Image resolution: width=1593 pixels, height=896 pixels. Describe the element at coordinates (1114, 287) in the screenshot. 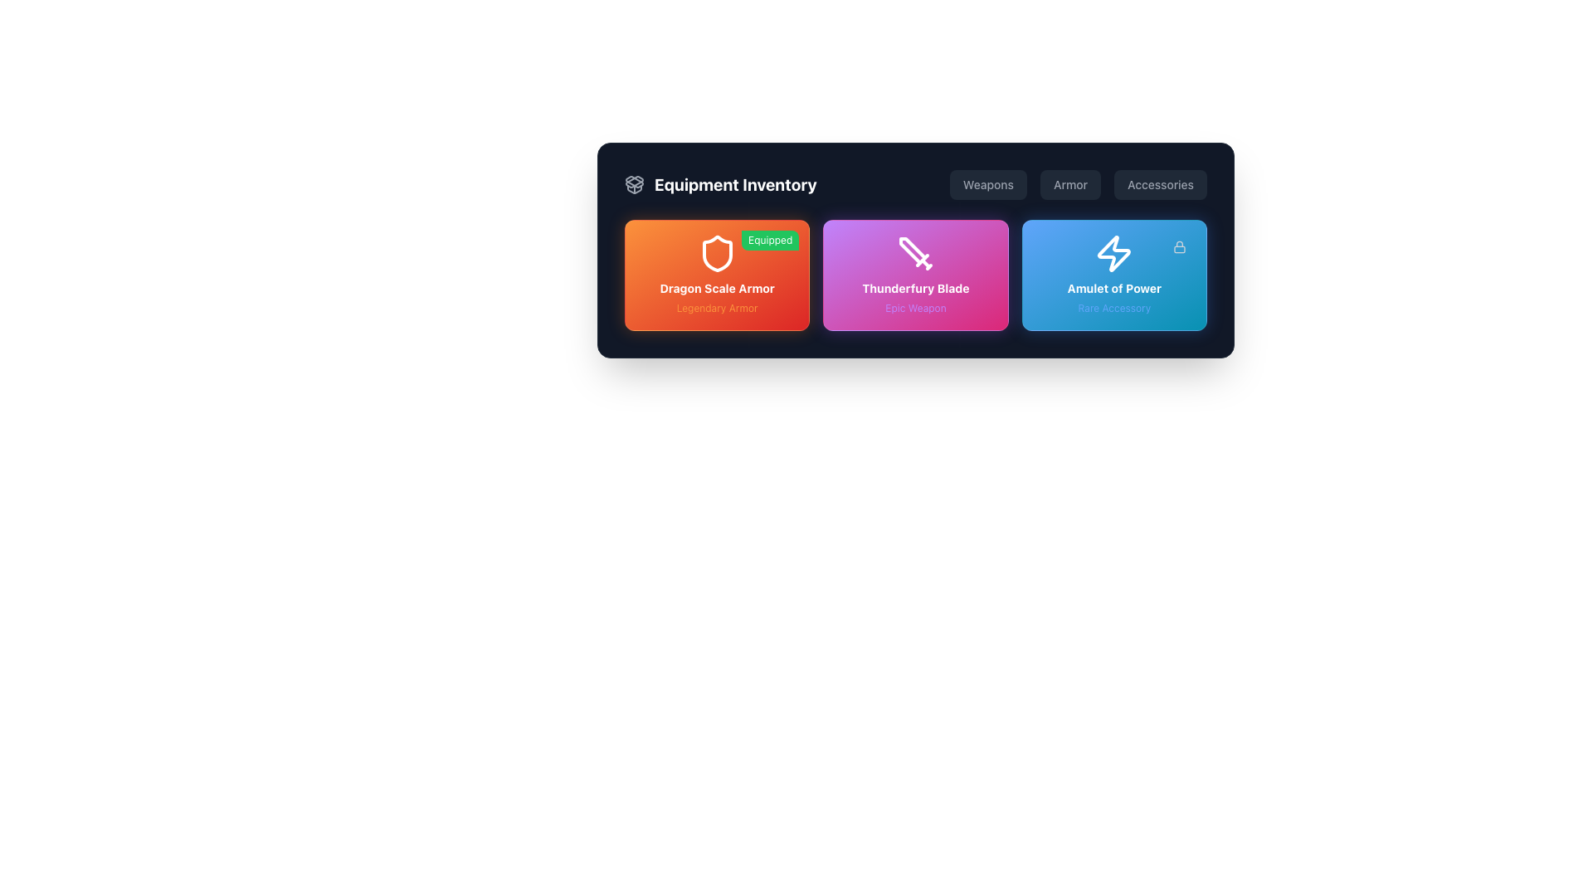

I see `the text label reading 'Amulet of Power' which is displayed in white bold font on a light blue background, located in the Equipment Inventory interface` at that location.